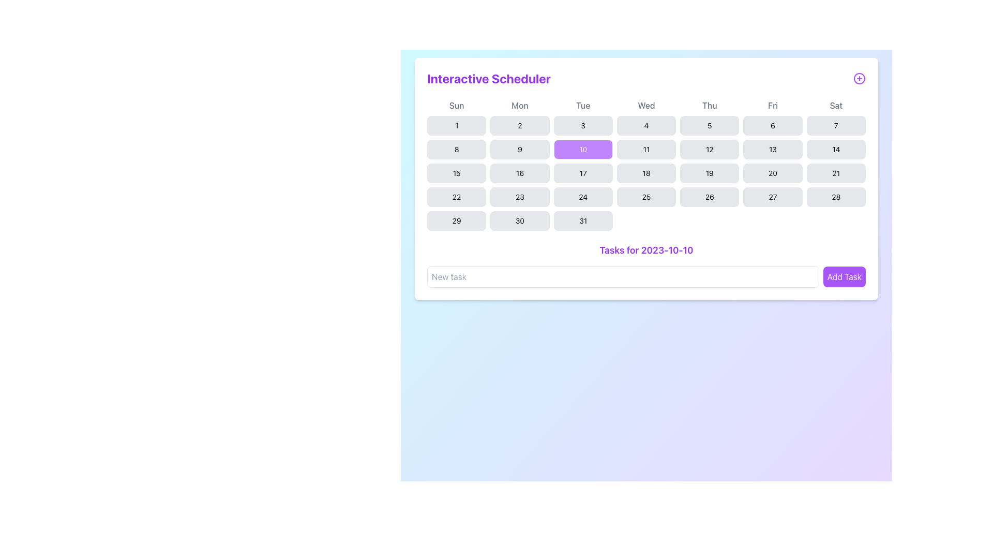 The height and width of the screenshot is (559, 993). Describe the element at coordinates (836, 150) in the screenshot. I see `the button styled as a rounded rectangle with a light gray background and the number '14' centered inside` at that location.